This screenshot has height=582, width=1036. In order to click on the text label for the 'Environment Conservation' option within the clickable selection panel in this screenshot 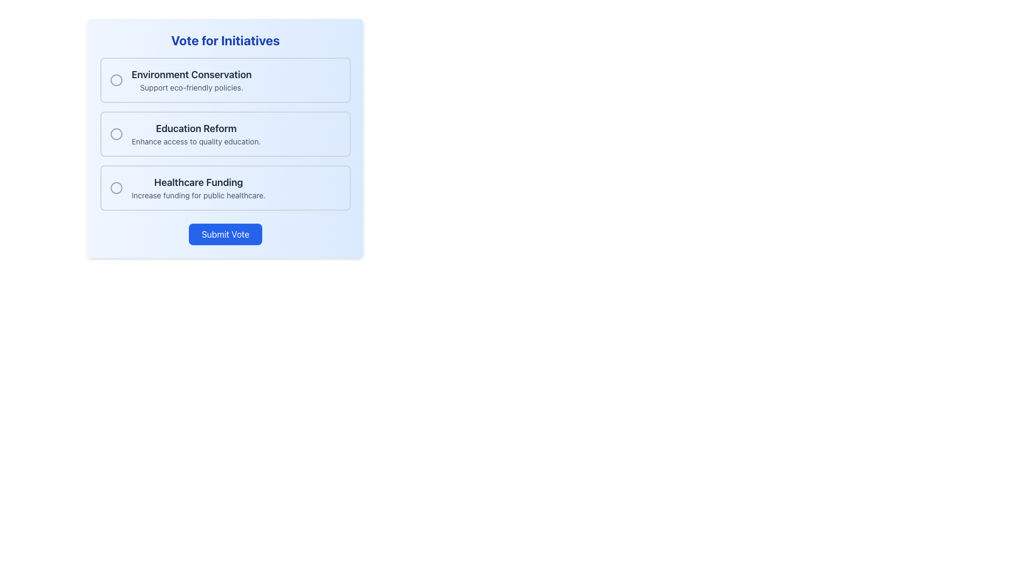, I will do `click(192, 80)`.